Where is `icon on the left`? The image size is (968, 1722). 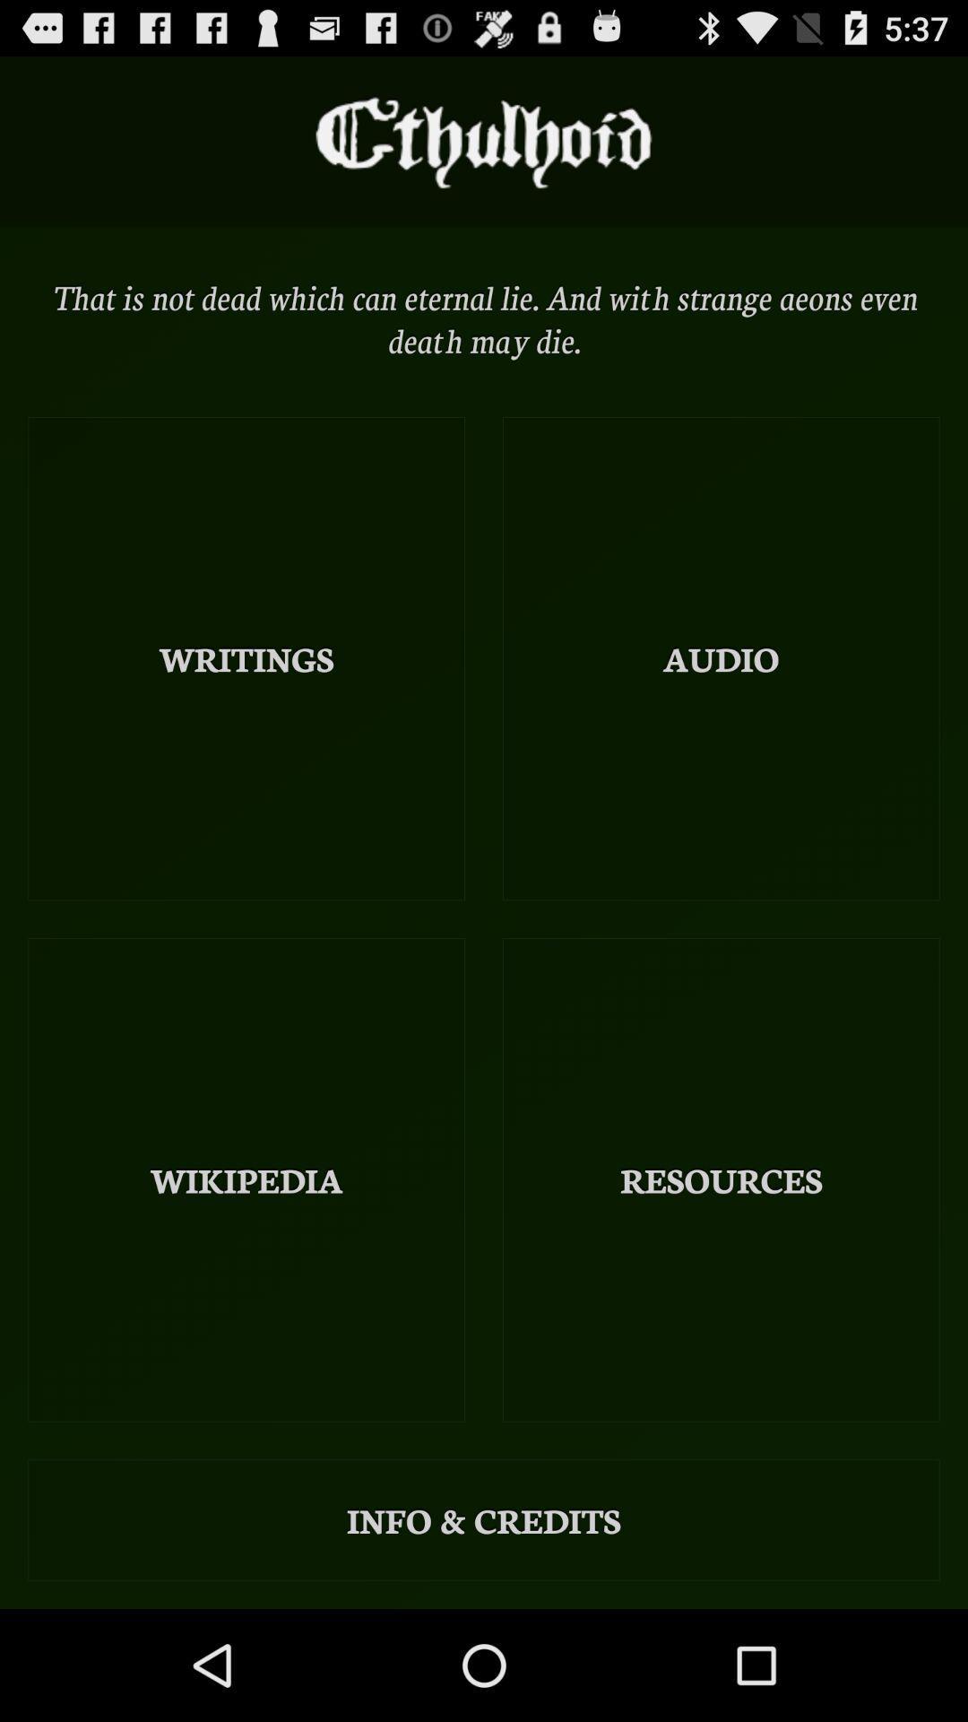
icon on the left is located at coordinates (246, 657).